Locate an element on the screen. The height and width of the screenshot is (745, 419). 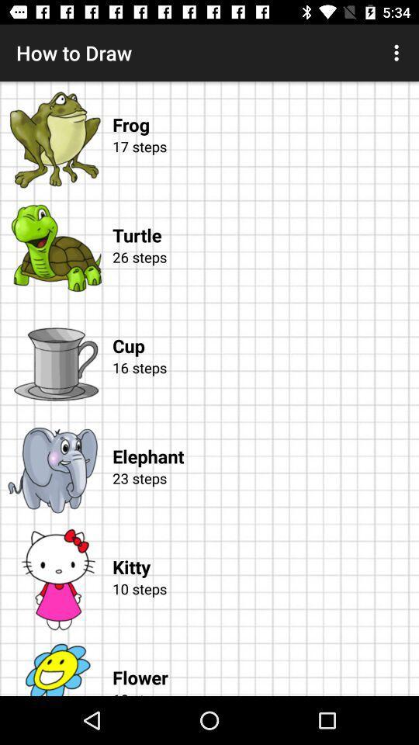
icon below turtle icon is located at coordinates (262, 275).